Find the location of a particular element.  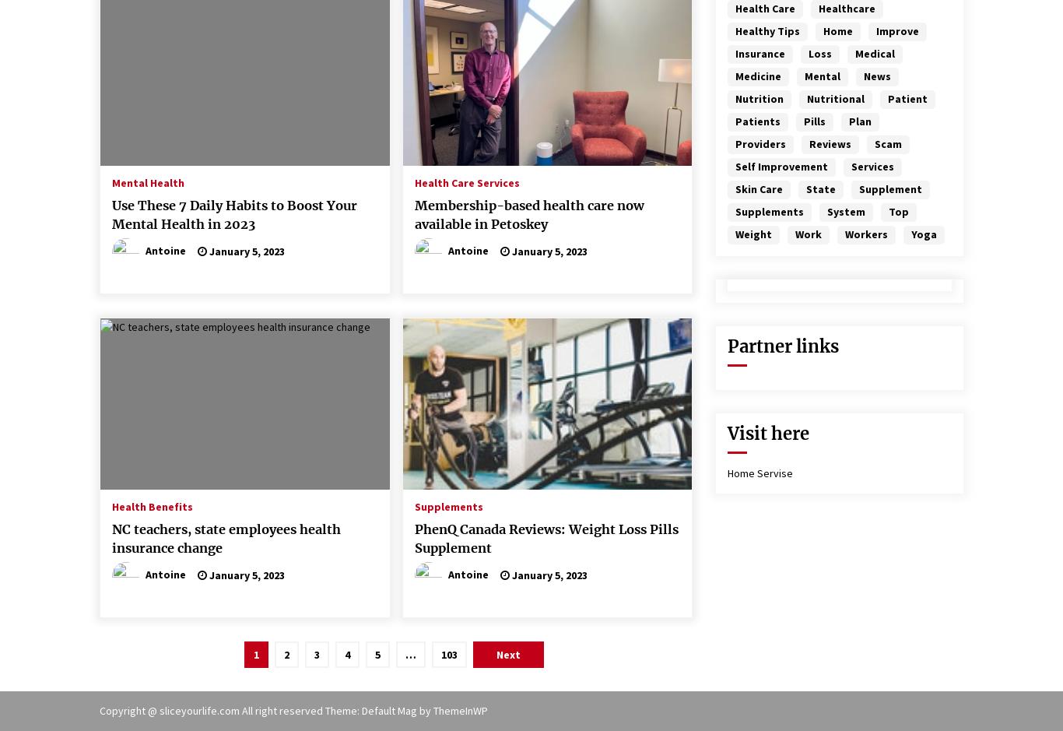

'Next' is located at coordinates (507, 653).